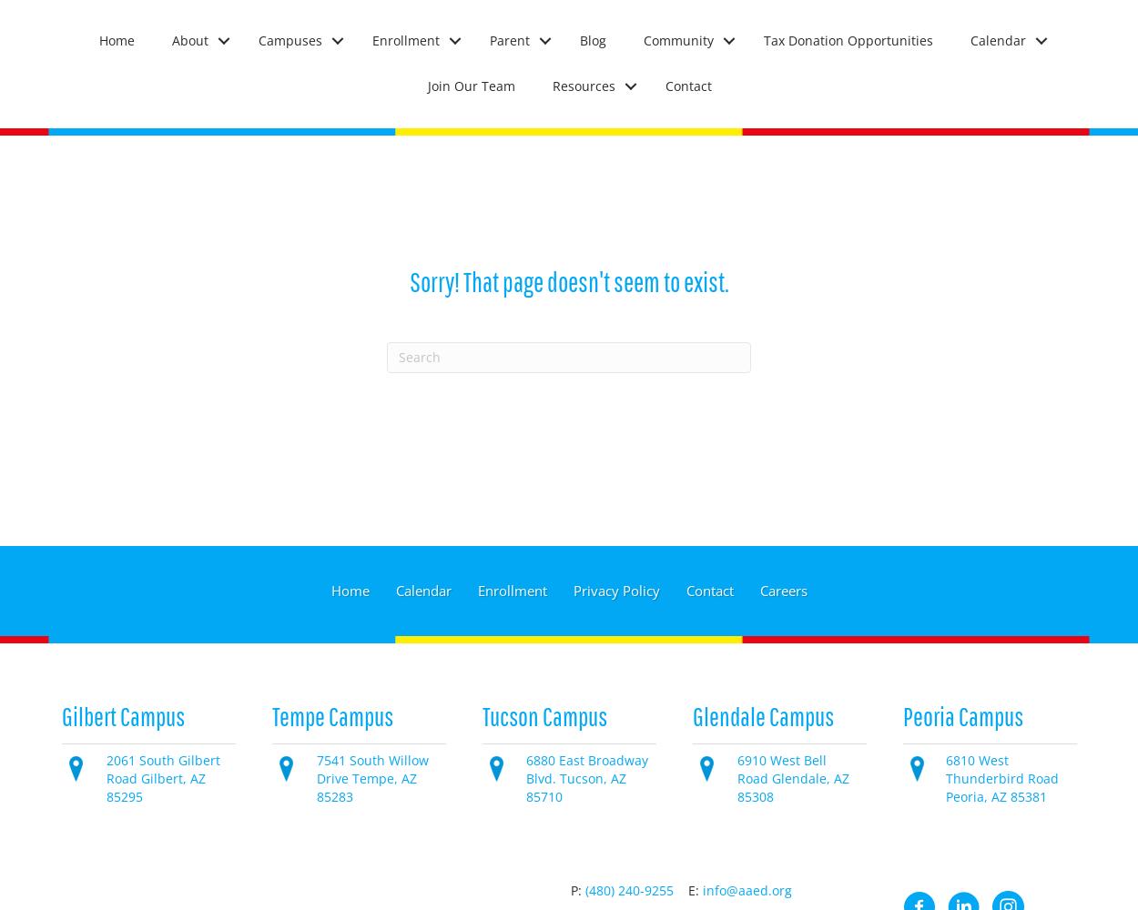 This screenshot has width=1138, height=910. What do you see at coordinates (747, 889) in the screenshot?
I see `'info@aaed.org'` at bounding box center [747, 889].